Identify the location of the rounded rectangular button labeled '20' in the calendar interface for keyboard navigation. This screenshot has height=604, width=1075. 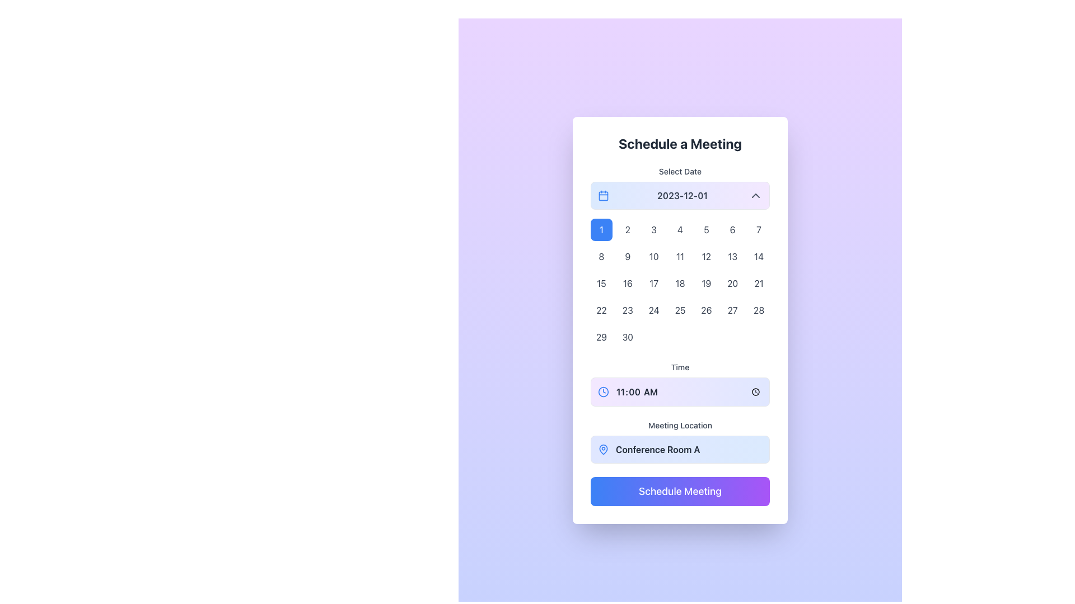
(732, 282).